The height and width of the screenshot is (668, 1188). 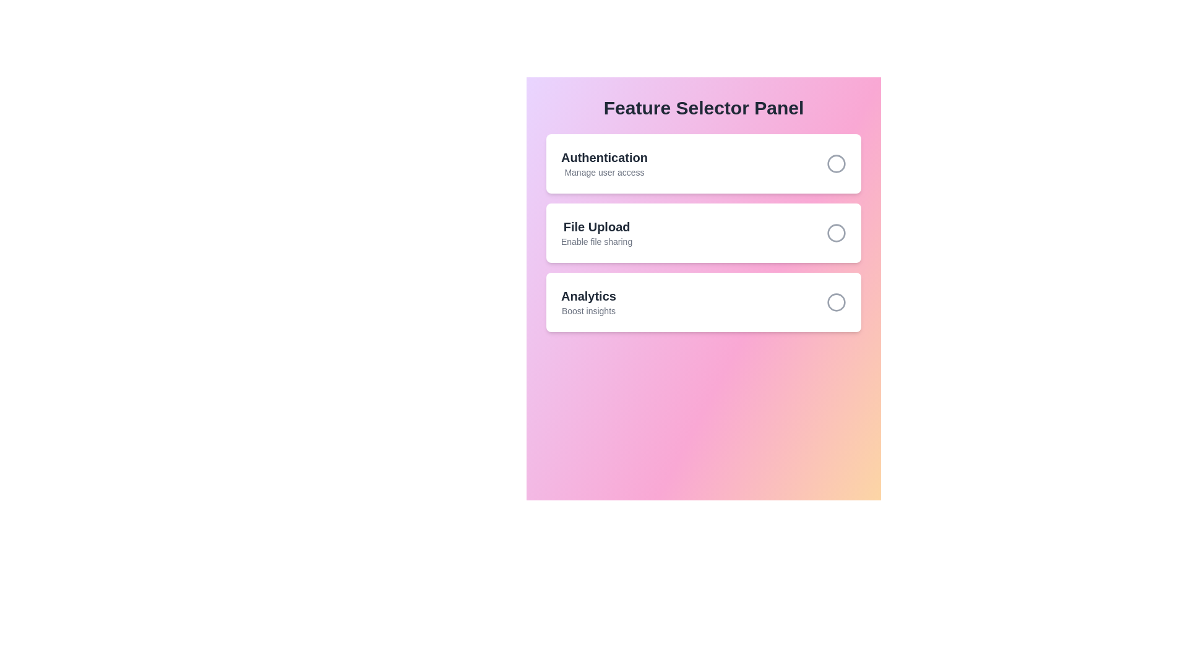 What do you see at coordinates (837, 163) in the screenshot?
I see `the feature corresponding to Authentication by clicking its circle button` at bounding box center [837, 163].